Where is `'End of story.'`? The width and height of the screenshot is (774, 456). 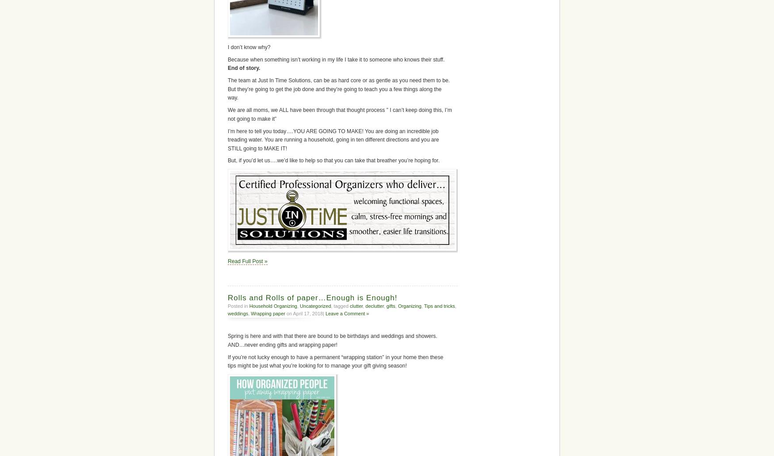
'End of story.' is located at coordinates (243, 68).